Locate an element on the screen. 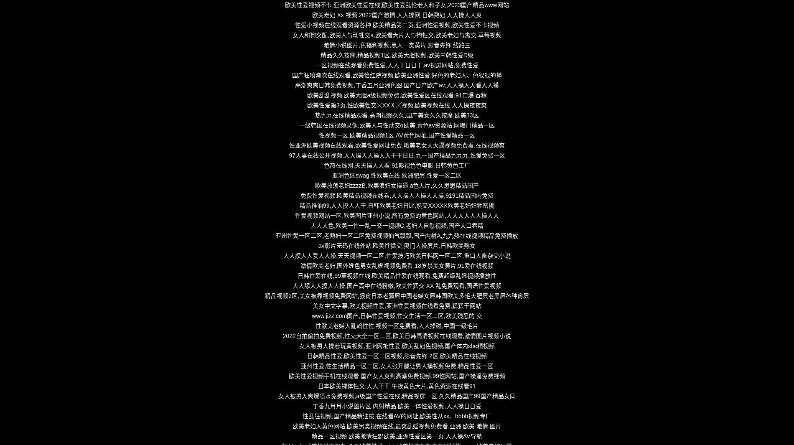  '色热在线网,天天操人人看,91影视色色电影,日韩黄色工厂' is located at coordinates (396, 165).